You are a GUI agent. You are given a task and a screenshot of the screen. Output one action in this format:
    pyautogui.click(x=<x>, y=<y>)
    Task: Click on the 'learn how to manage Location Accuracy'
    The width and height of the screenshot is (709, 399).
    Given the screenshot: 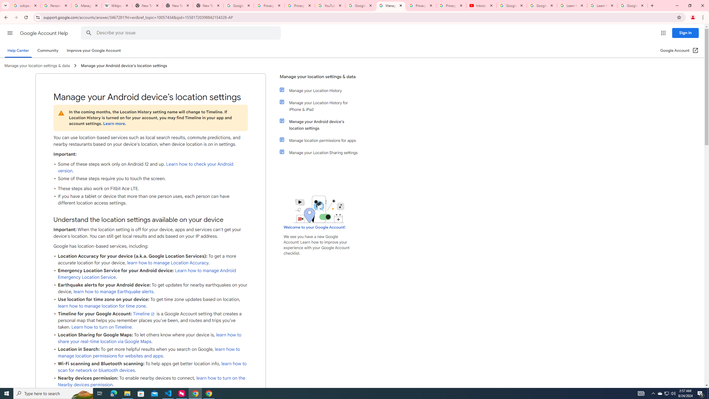 What is the action you would take?
    pyautogui.click(x=167, y=262)
    